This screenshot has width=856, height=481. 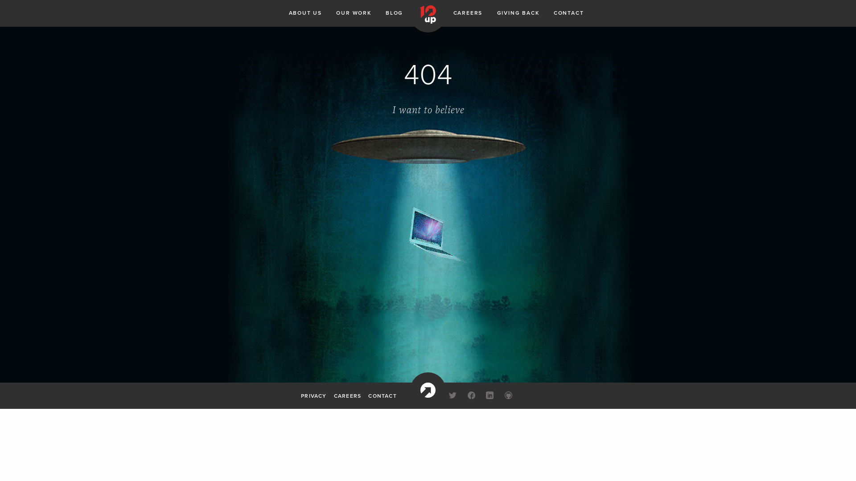 What do you see at coordinates (568, 13) in the screenshot?
I see `'CONTACT'` at bounding box center [568, 13].